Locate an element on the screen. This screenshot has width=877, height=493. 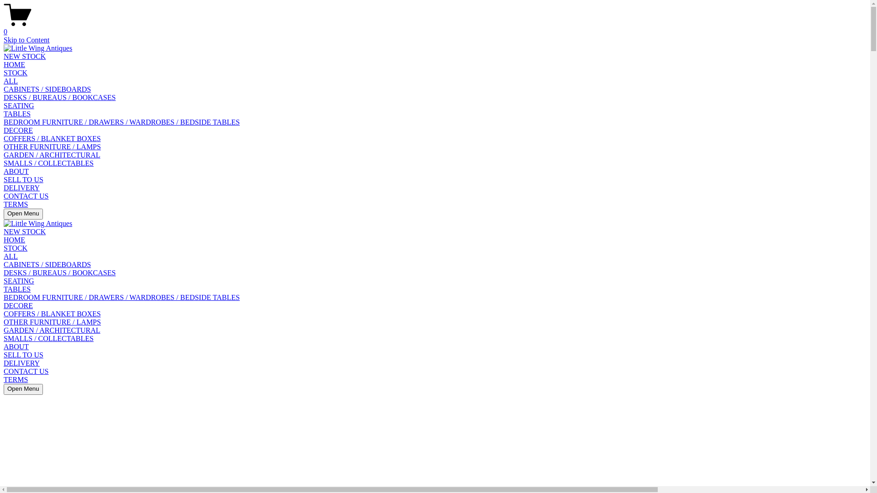
'SEATING' is located at coordinates (19, 280).